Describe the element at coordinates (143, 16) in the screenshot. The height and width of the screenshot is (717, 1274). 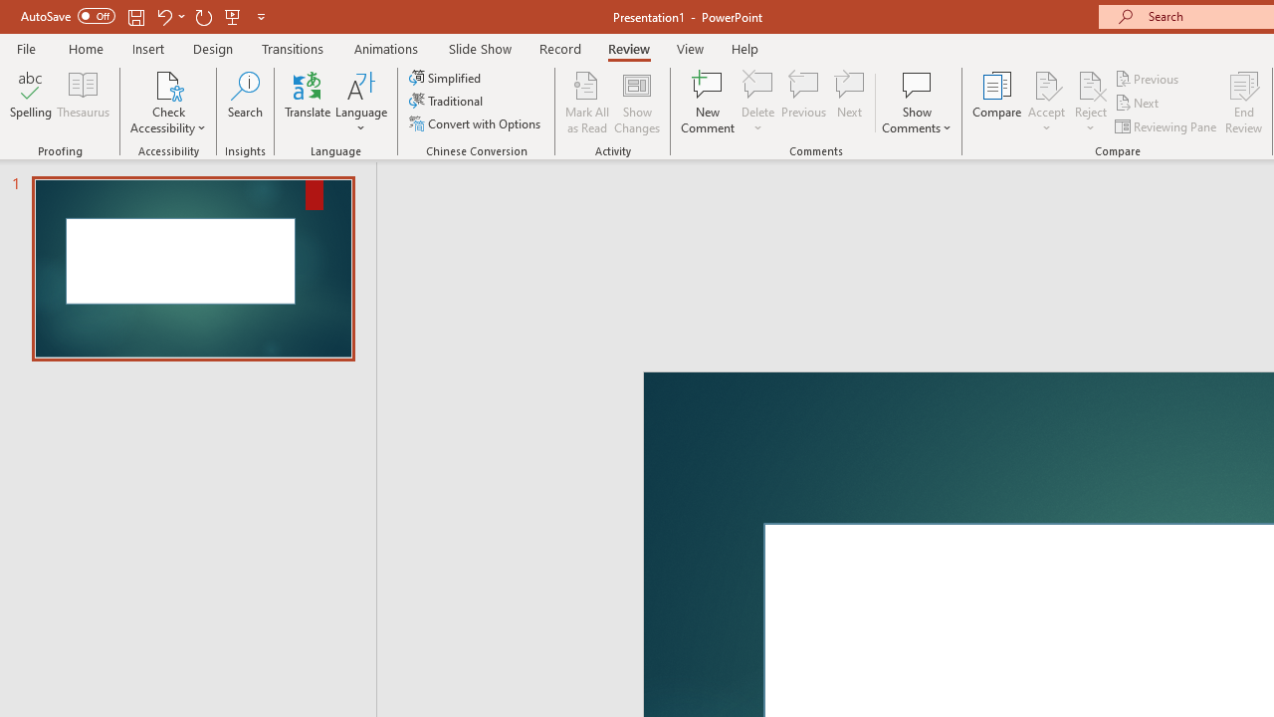
I see `'Quick Access Toolbar'` at that location.